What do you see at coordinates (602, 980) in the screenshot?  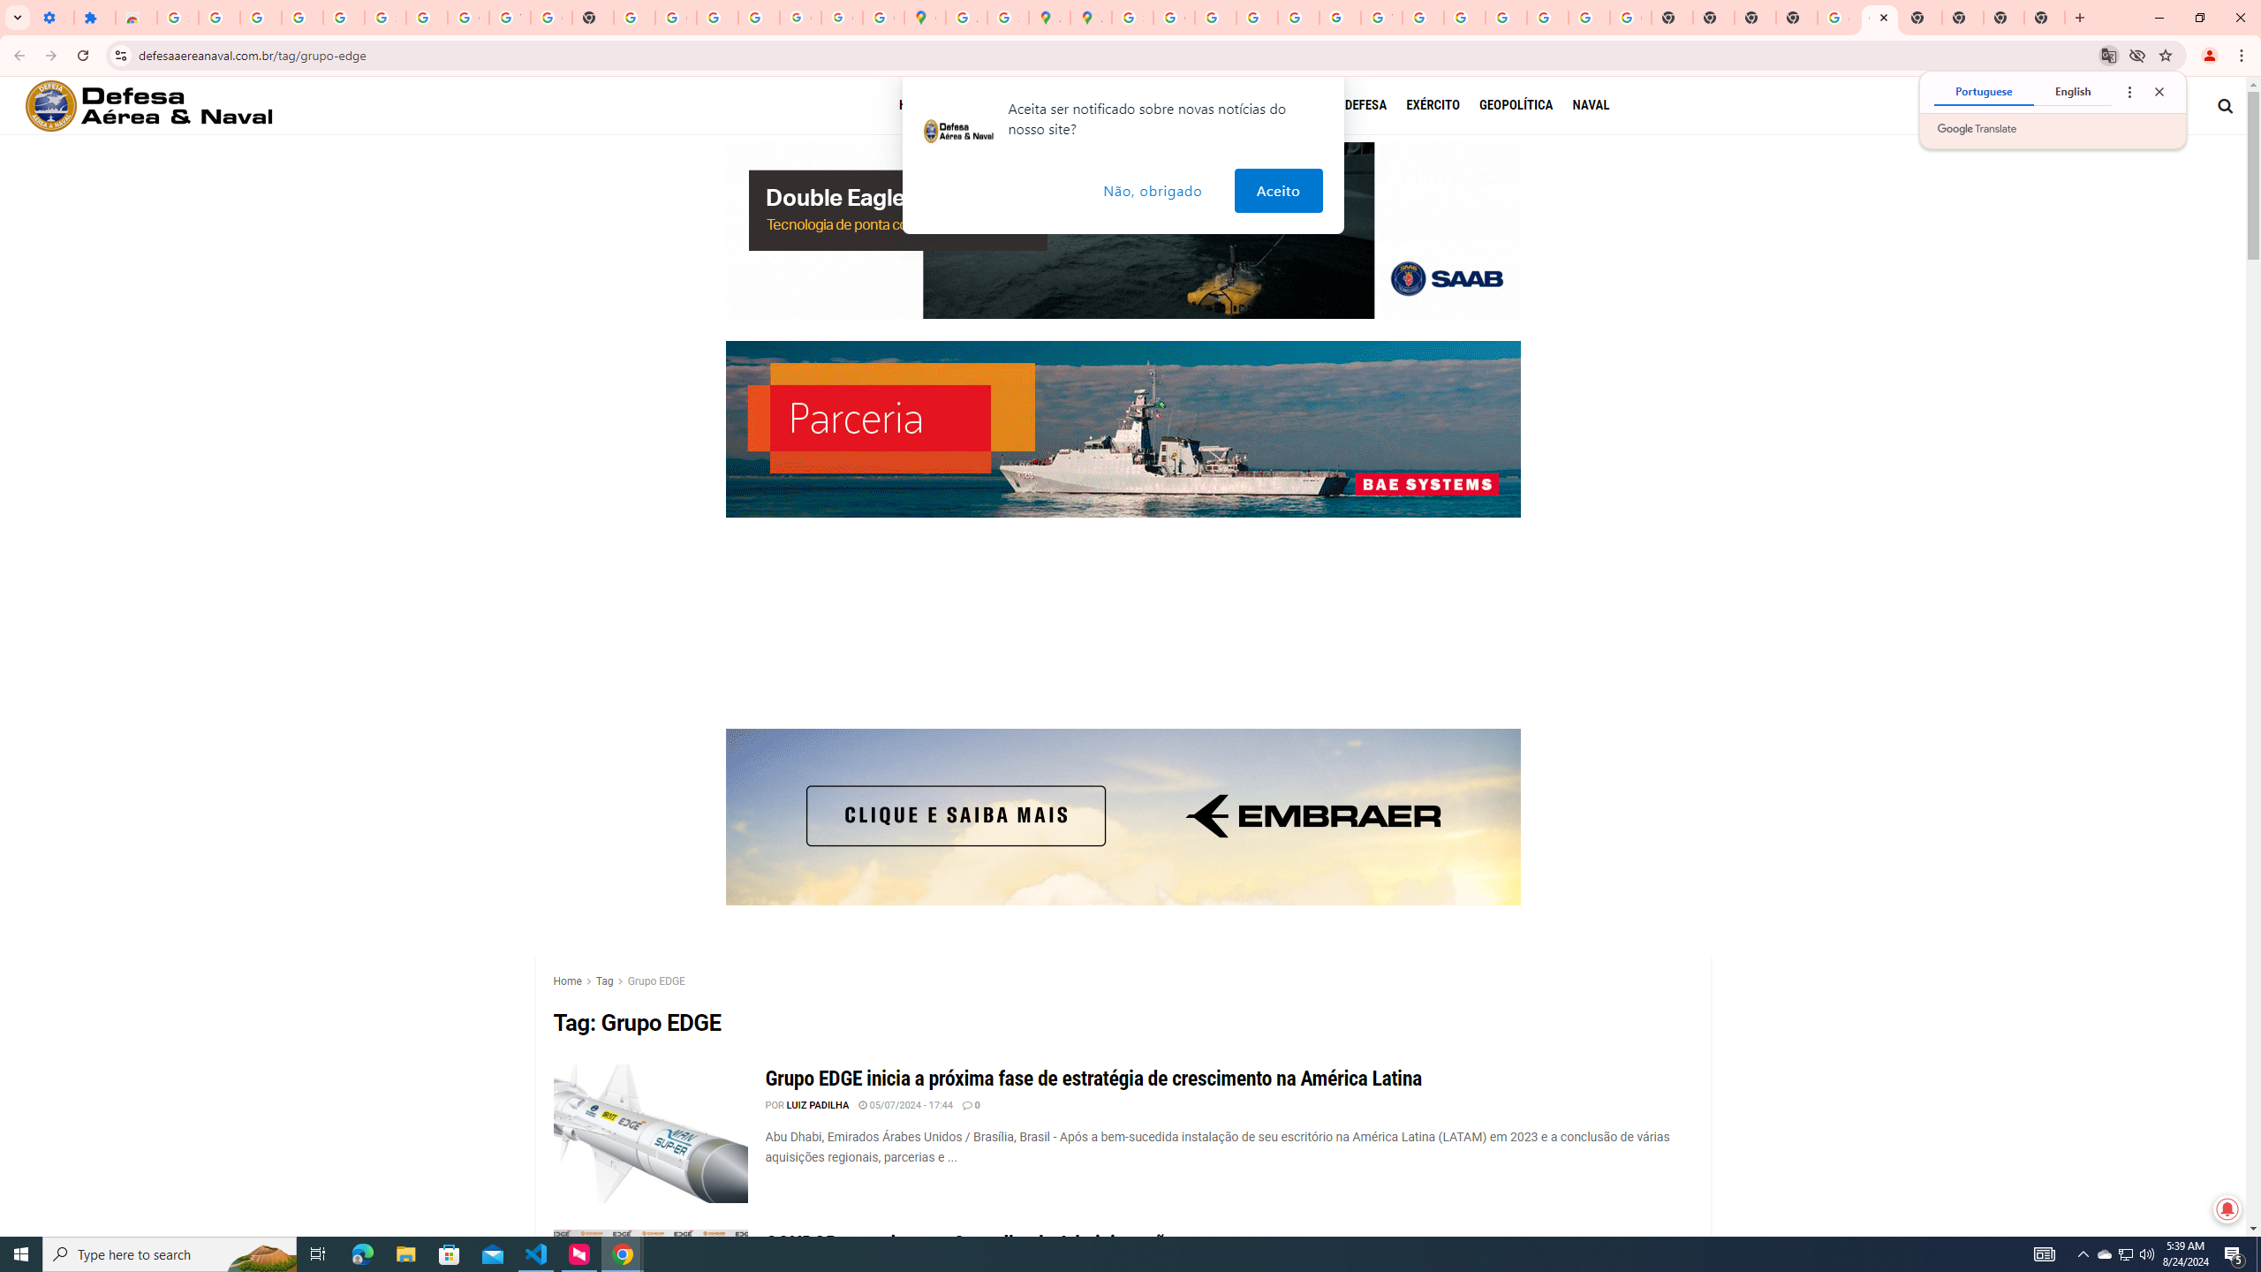 I see `'Tag'` at bounding box center [602, 980].